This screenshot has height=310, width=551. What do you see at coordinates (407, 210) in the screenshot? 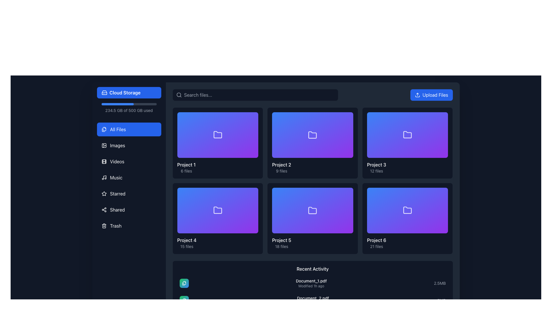
I see `the folder icon representing 'Project 6' located in the bottom-right section of the grid of folders` at bounding box center [407, 210].